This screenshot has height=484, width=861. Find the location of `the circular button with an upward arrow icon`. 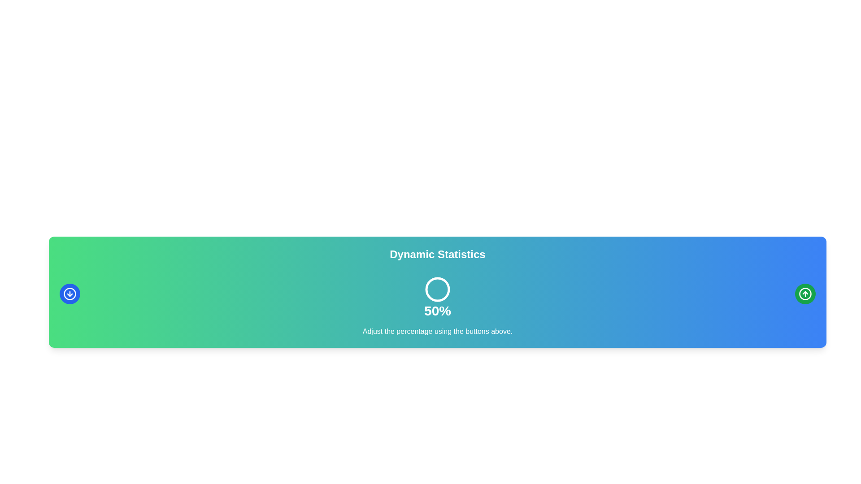

the circular button with an upward arrow icon is located at coordinates (805, 294).